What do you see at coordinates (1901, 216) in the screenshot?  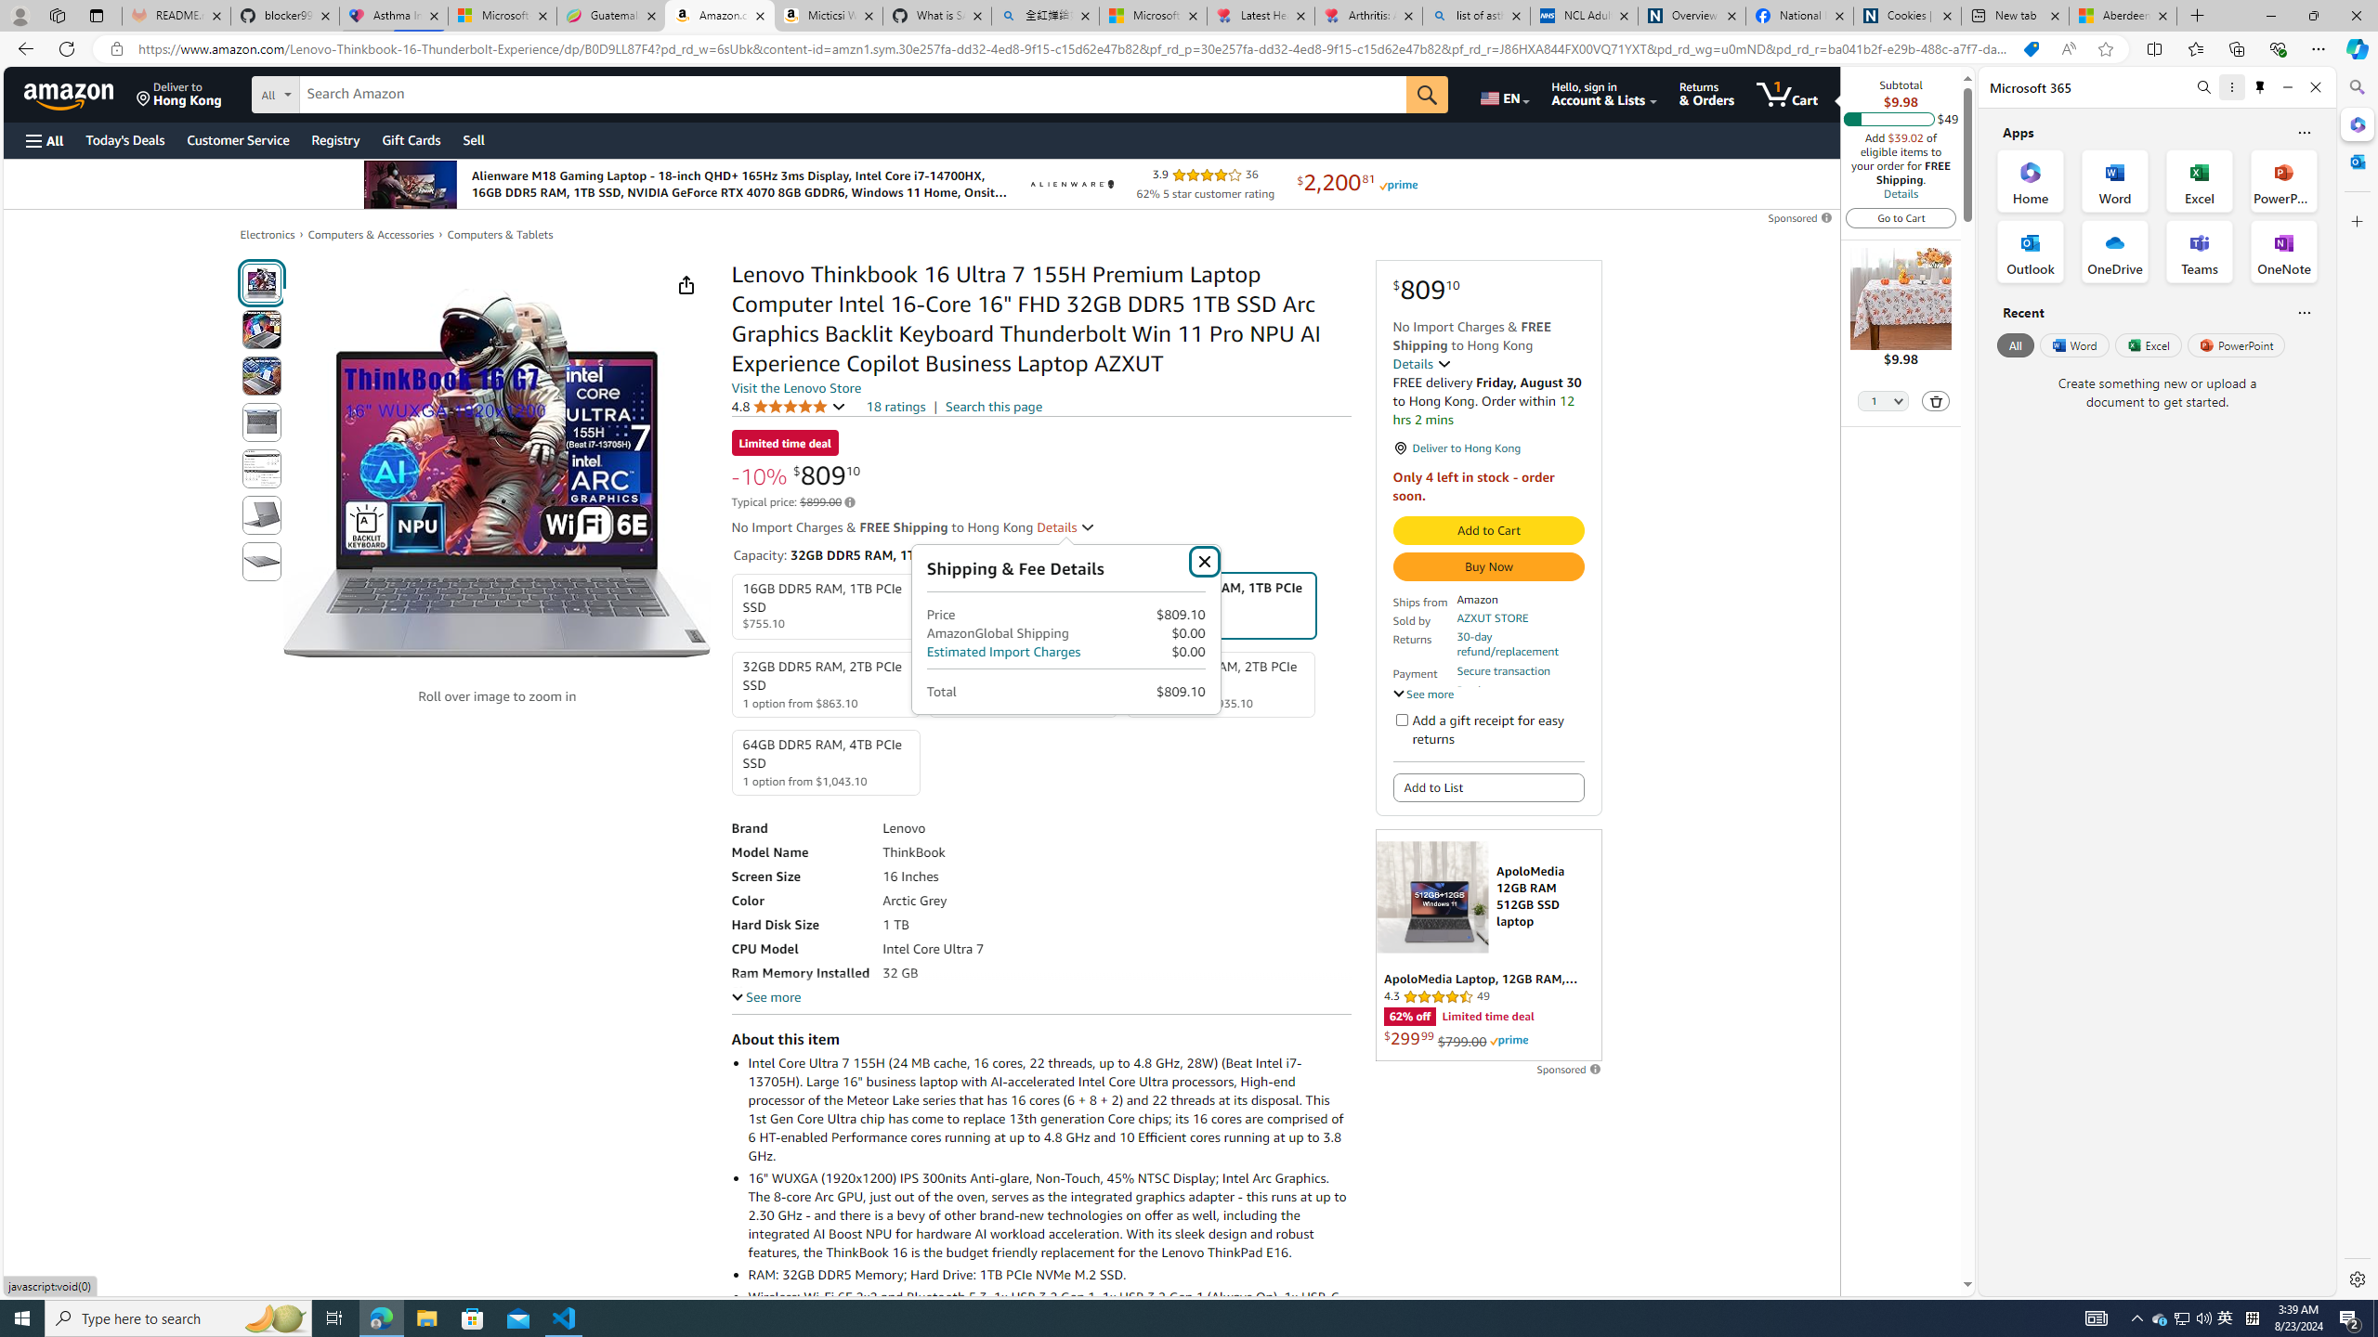 I see `'Go to Cart'` at bounding box center [1901, 216].